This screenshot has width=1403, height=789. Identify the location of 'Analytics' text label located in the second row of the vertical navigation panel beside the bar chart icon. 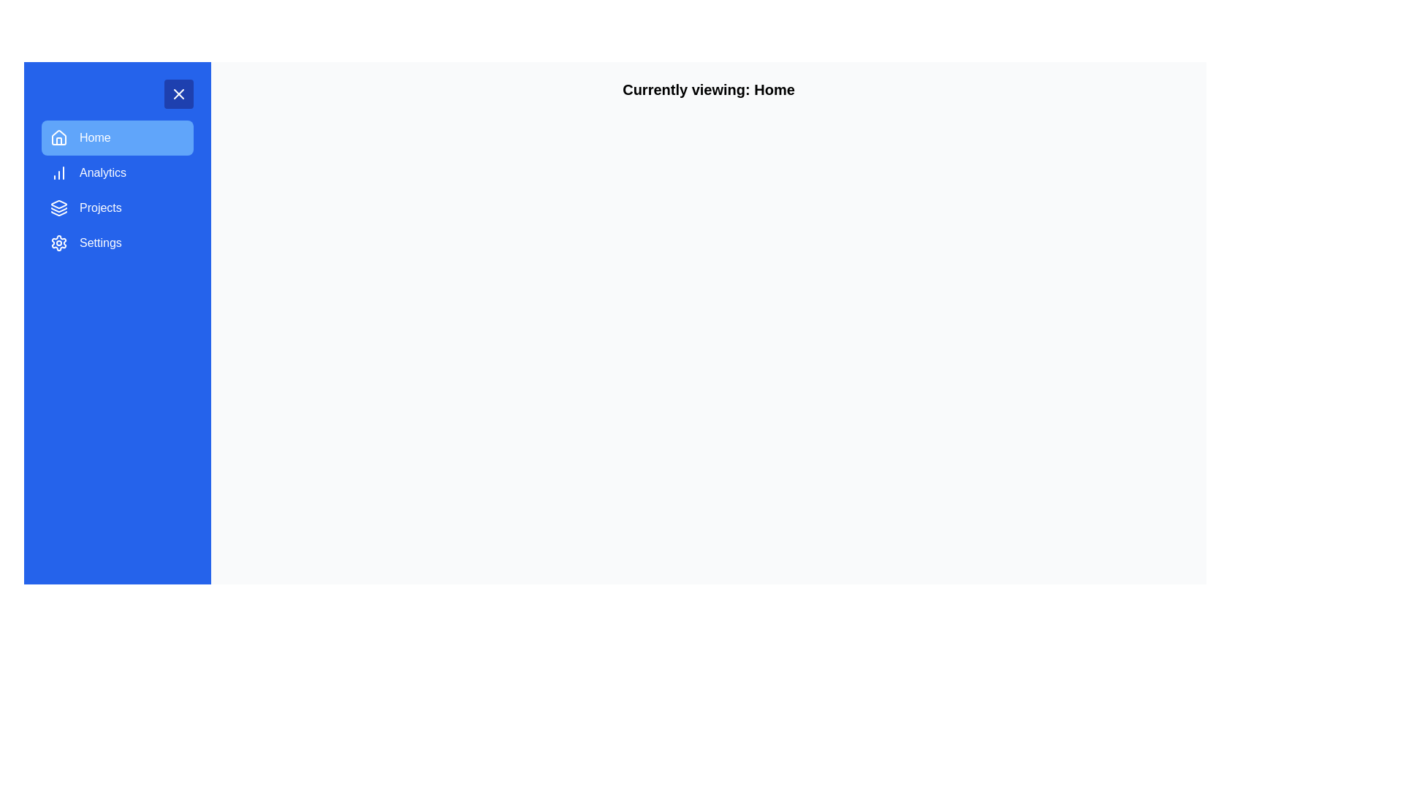
(102, 172).